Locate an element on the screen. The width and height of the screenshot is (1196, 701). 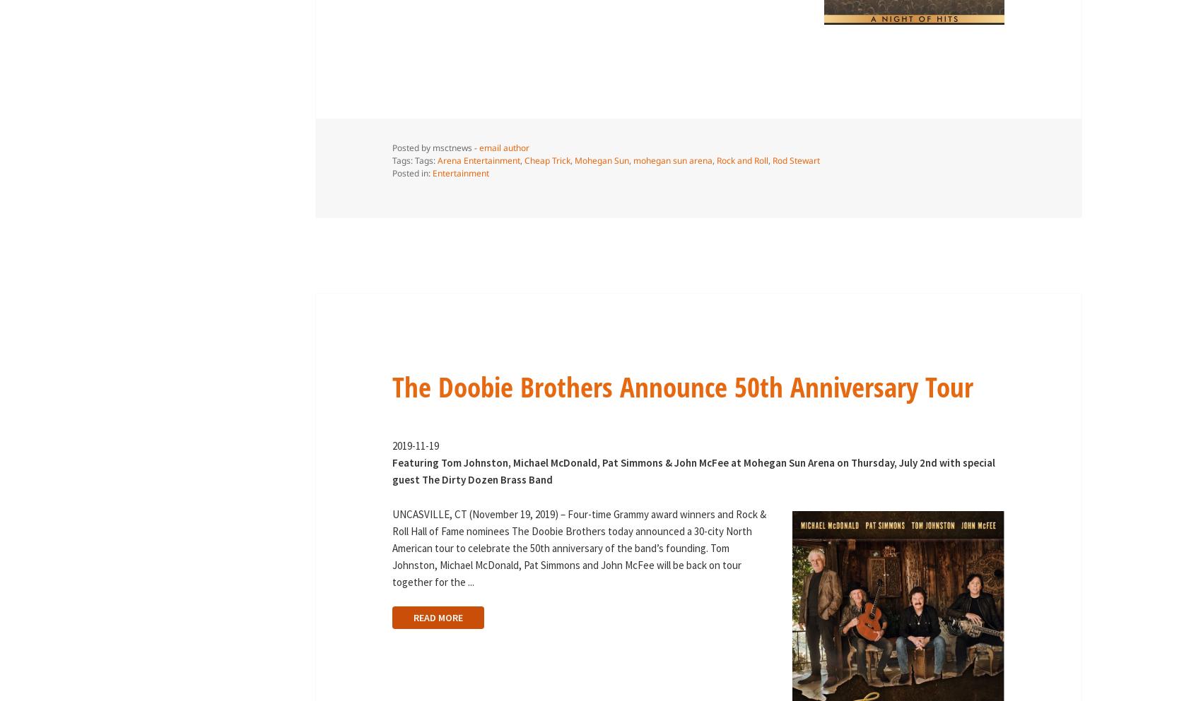
'Cheap Trick' is located at coordinates (546, 160).